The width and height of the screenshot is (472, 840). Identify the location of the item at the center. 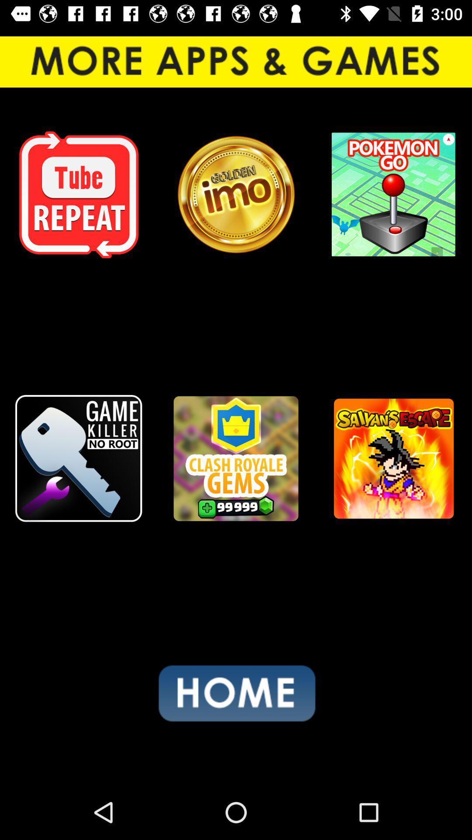
(236, 458).